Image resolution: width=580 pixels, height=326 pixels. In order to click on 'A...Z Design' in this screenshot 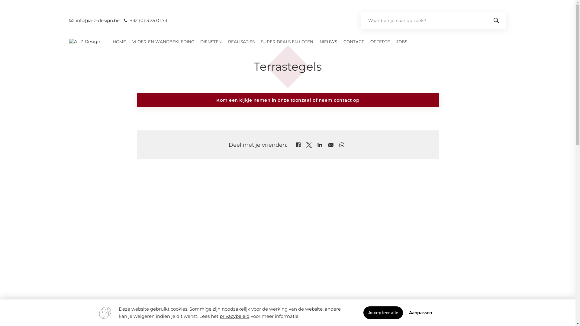, I will do `click(84, 41)`.